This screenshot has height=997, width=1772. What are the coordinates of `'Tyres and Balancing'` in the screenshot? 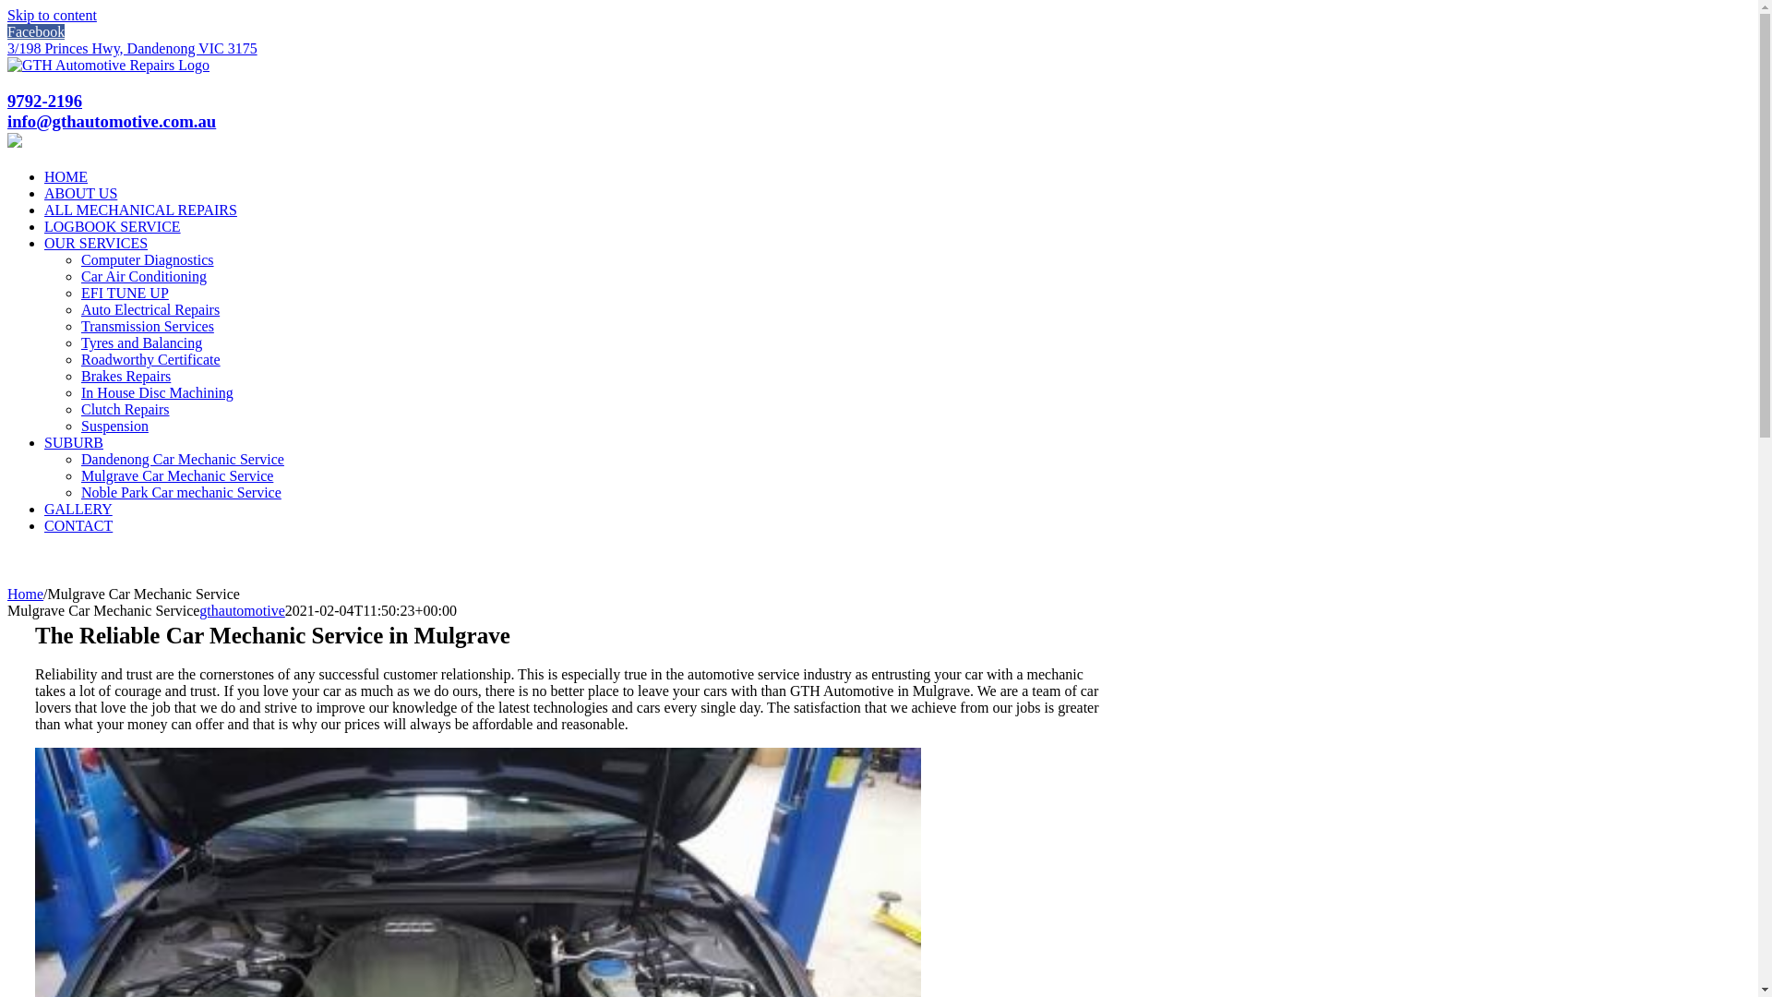 It's located at (140, 342).